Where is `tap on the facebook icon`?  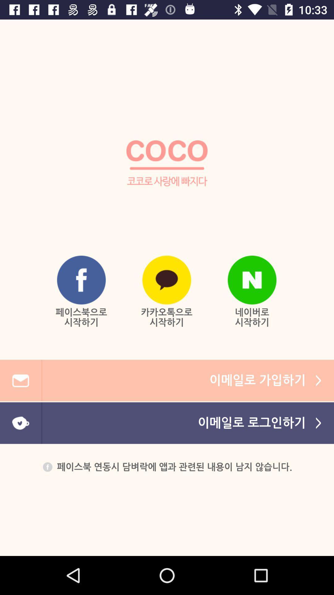
tap on the facebook icon is located at coordinates (81, 280).